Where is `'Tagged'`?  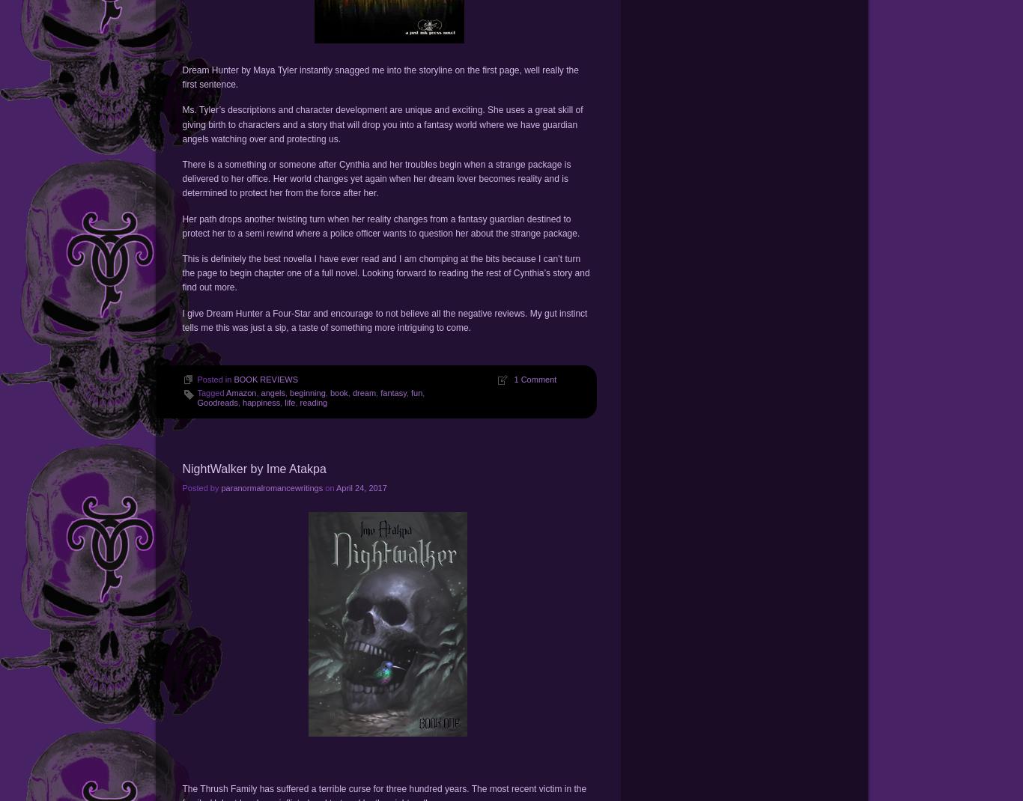 'Tagged' is located at coordinates (211, 392).